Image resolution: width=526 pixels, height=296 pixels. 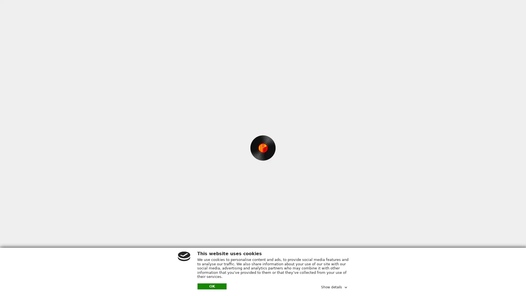 What do you see at coordinates (238, 95) in the screenshot?
I see `add to cart` at bounding box center [238, 95].